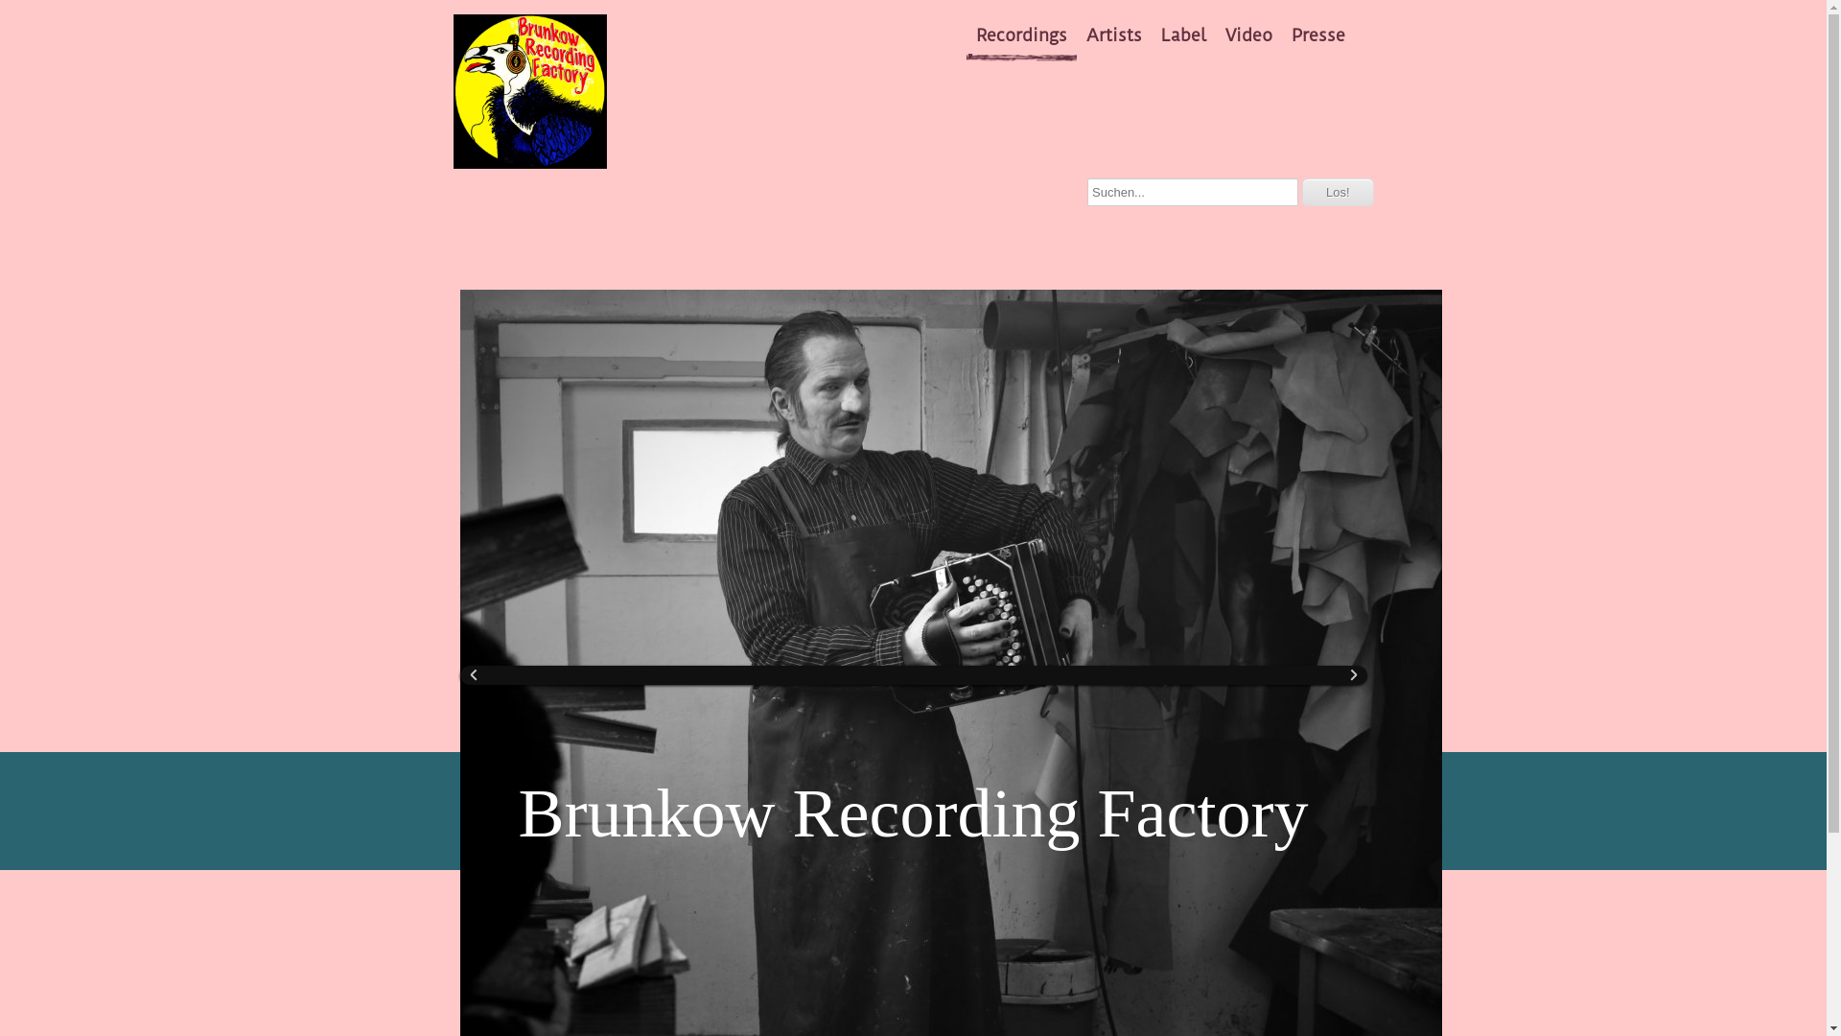  Describe the element at coordinates (1020, 35) in the screenshot. I see `'Recordings'` at that location.